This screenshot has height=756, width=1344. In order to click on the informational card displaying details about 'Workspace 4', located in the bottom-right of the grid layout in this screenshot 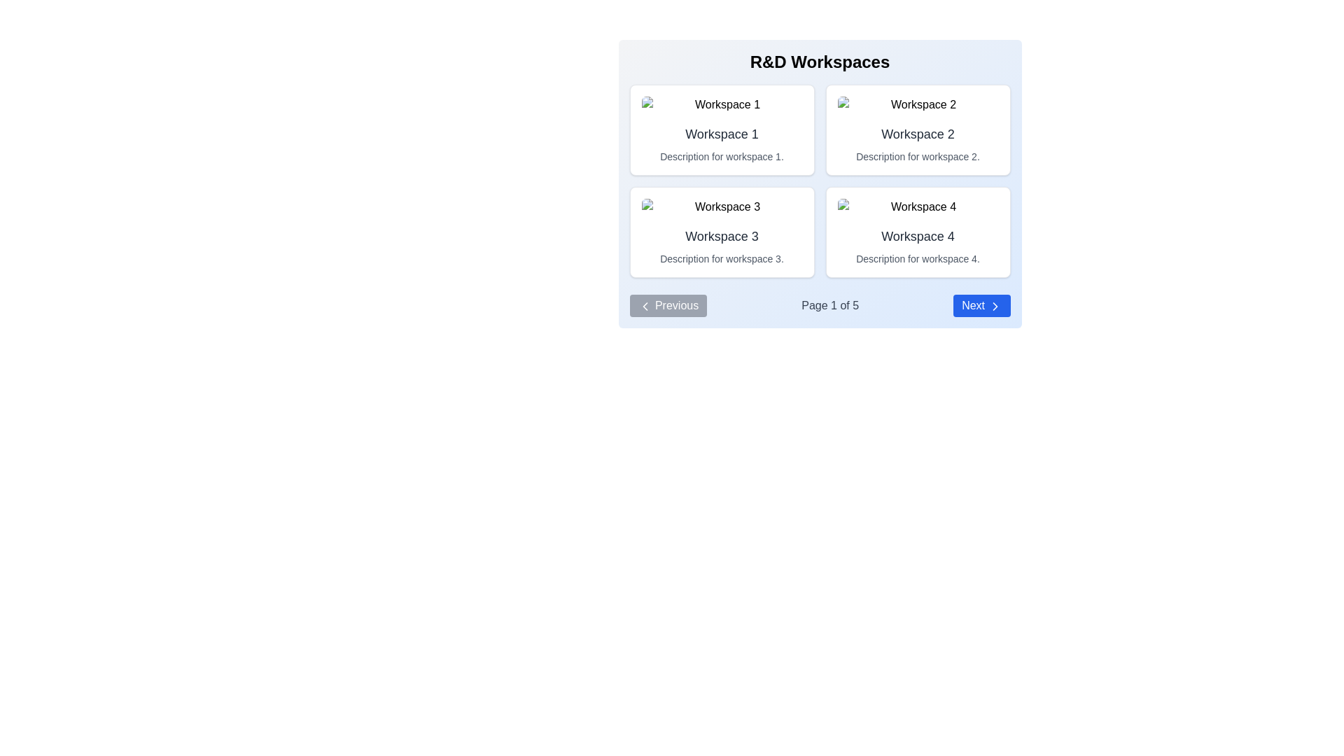, I will do `click(918, 231)`.